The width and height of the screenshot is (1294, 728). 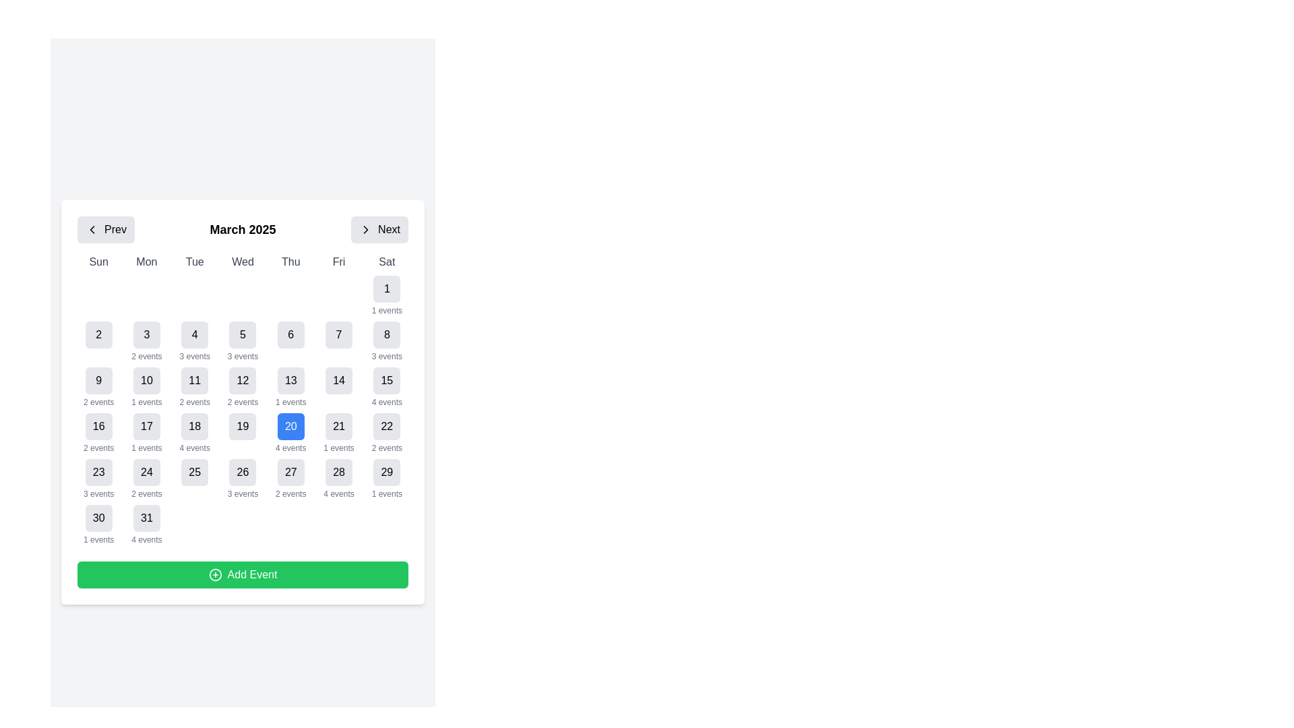 What do you see at coordinates (146, 493) in the screenshot?
I see `the text label that reads '2 events', which is styled in gray and positioned beneath the date button '24' in the fifth row and third column of the calendar grid` at bounding box center [146, 493].